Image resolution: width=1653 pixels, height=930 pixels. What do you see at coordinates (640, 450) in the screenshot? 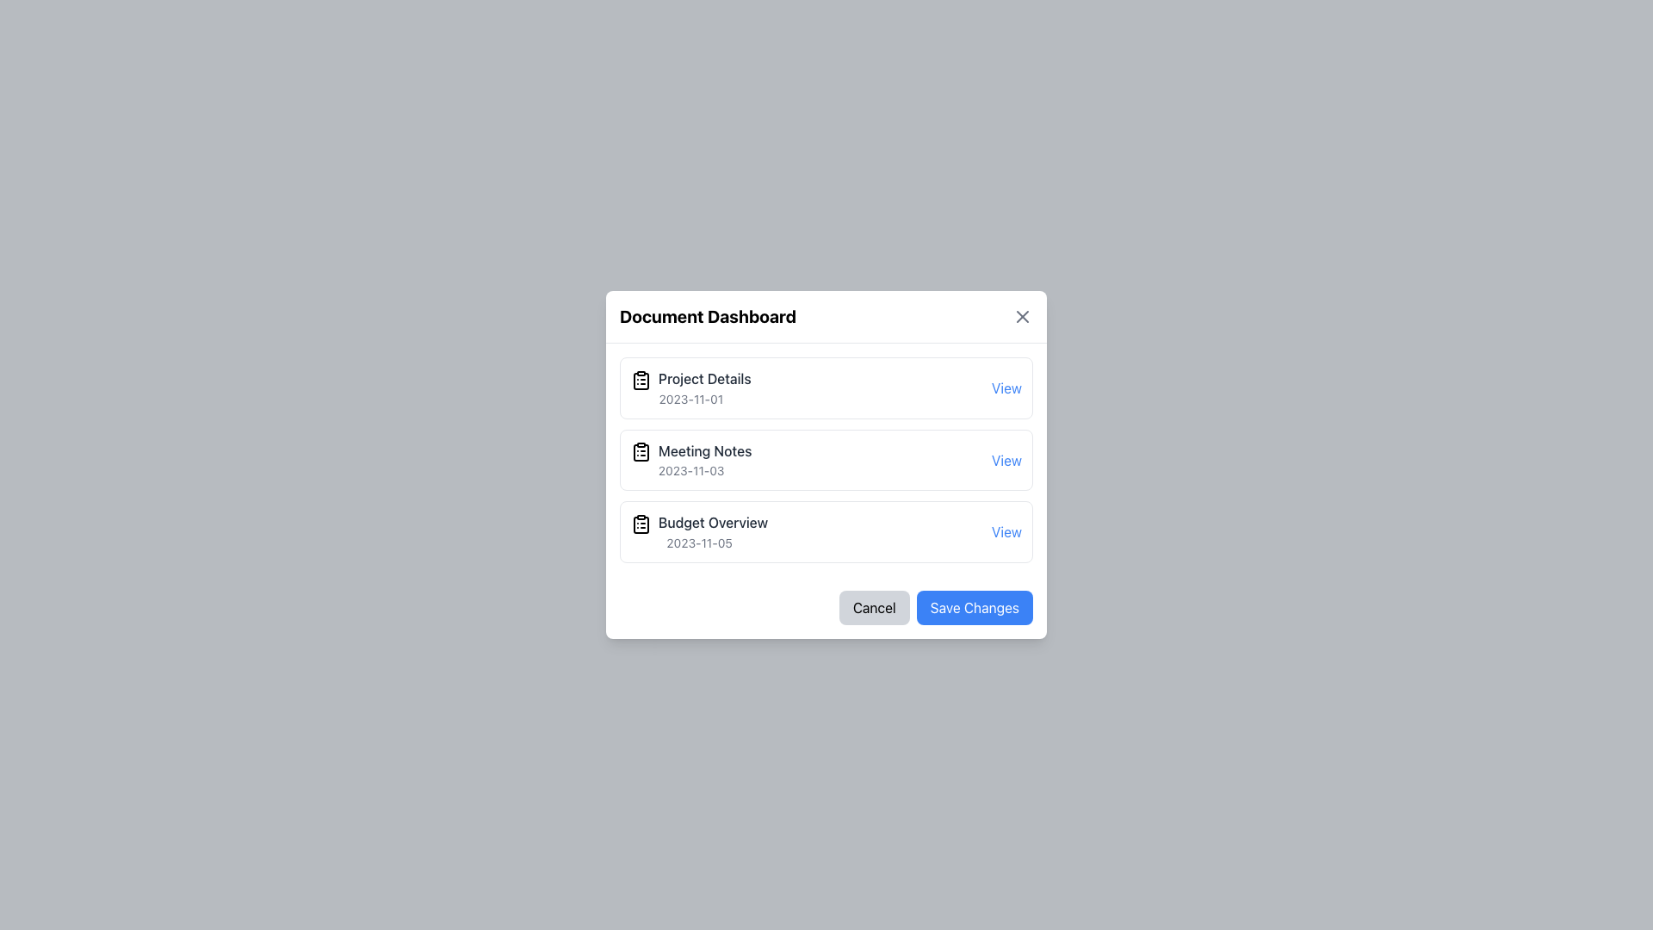
I see `the clipboard icon that resembles a list, which is positioned to the left of the 'Meeting Notes' text and above the date '2023-11-03'` at bounding box center [640, 450].